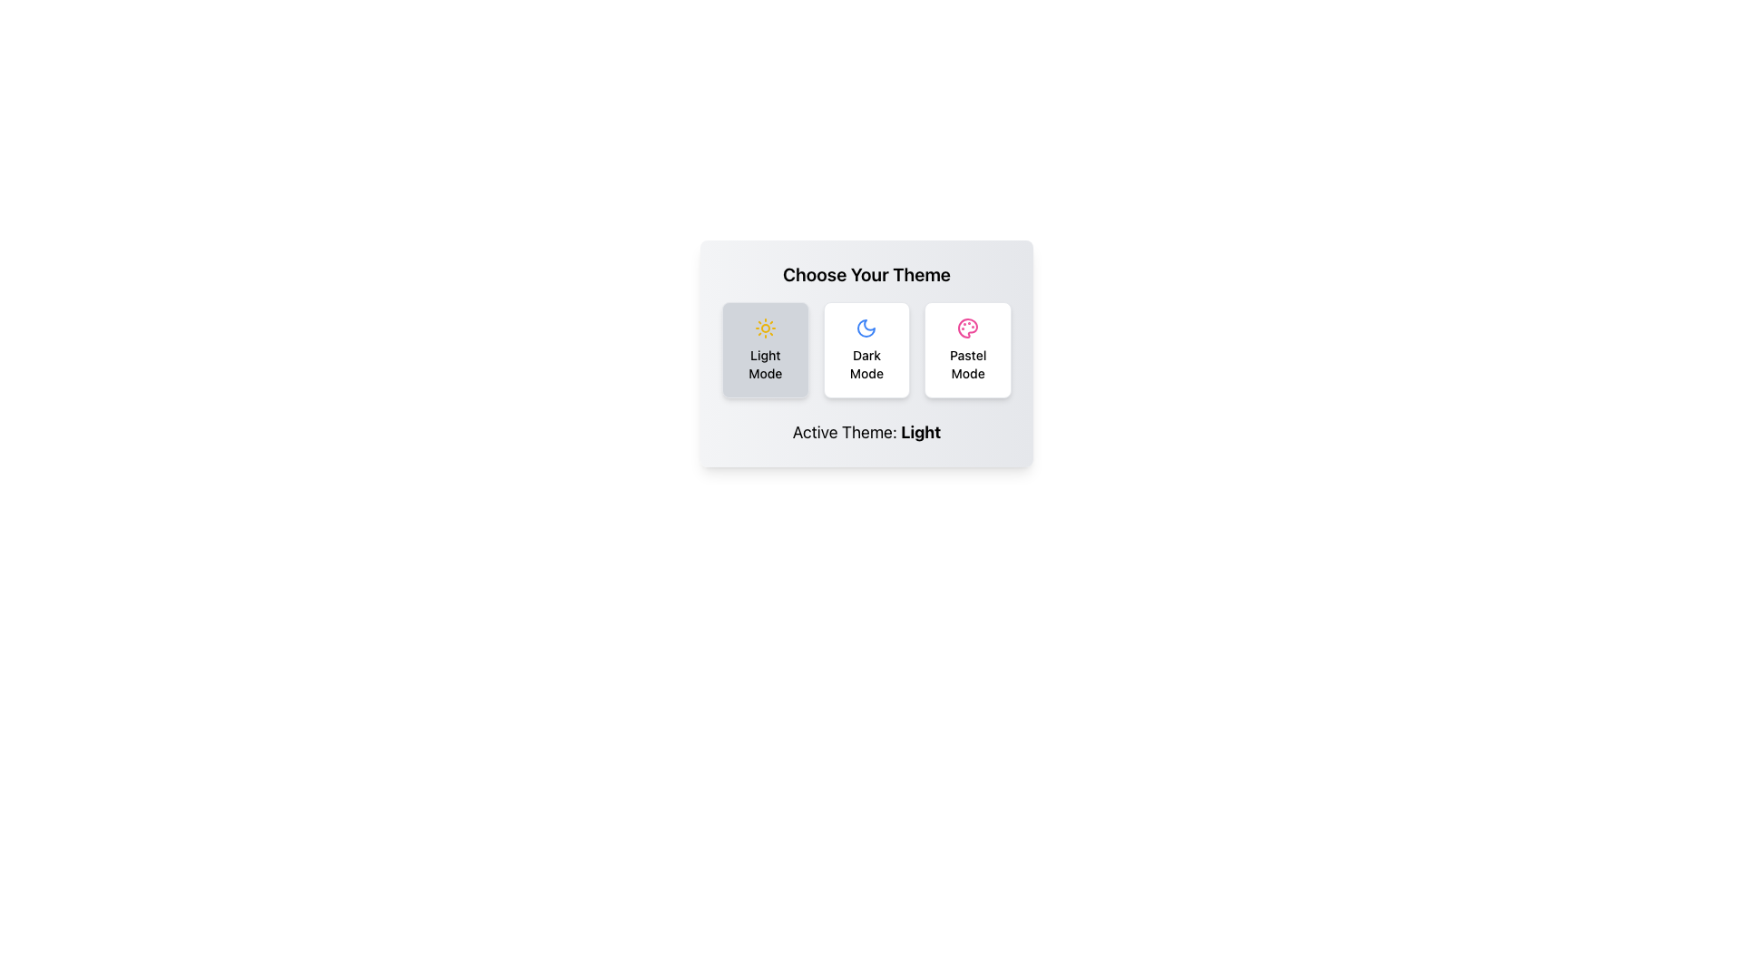 This screenshot has height=980, width=1742. What do you see at coordinates (765, 328) in the screenshot?
I see `the sun icon within the leftmost button of the theme selection interface` at bounding box center [765, 328].